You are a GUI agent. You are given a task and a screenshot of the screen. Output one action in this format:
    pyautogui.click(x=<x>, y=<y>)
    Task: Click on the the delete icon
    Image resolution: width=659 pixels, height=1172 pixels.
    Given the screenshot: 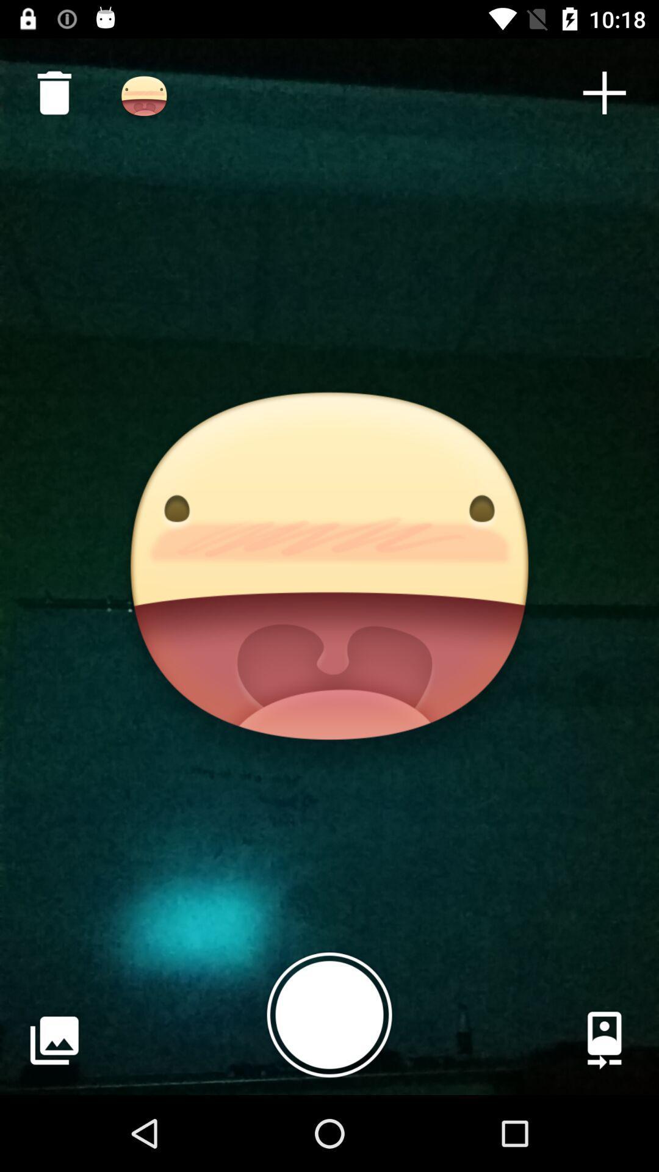 What is the action you would take?
    pyautogui.click(x=49, y=87)
    